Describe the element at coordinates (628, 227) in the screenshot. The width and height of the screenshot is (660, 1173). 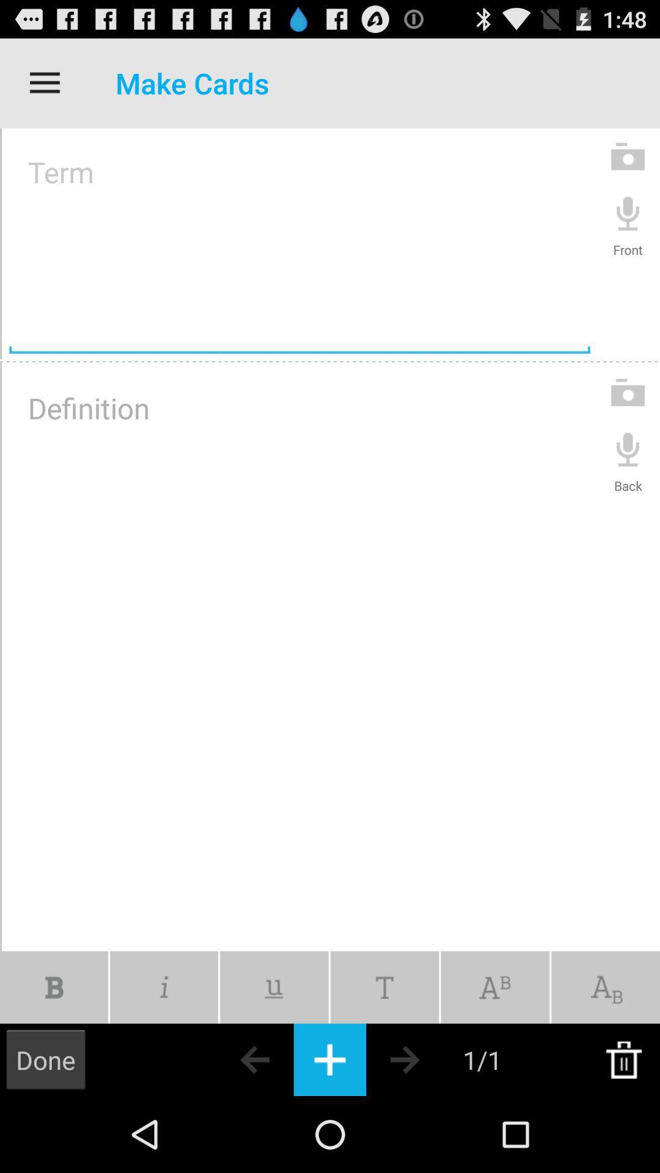
I see `the microphone icon` at that location.